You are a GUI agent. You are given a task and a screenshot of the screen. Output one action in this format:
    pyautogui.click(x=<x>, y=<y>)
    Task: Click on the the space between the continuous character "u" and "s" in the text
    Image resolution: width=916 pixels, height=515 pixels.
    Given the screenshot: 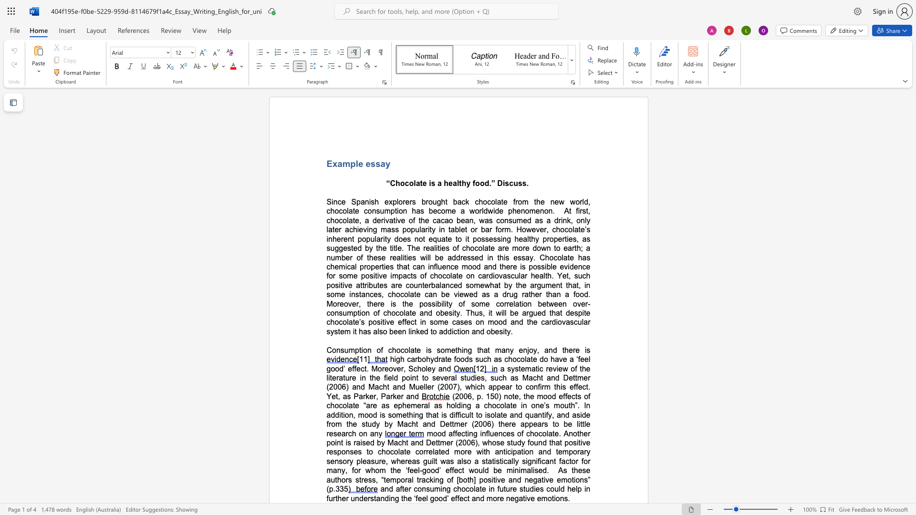 What is the action you would take?
    pyautogui.click(x=517, y=183)
    